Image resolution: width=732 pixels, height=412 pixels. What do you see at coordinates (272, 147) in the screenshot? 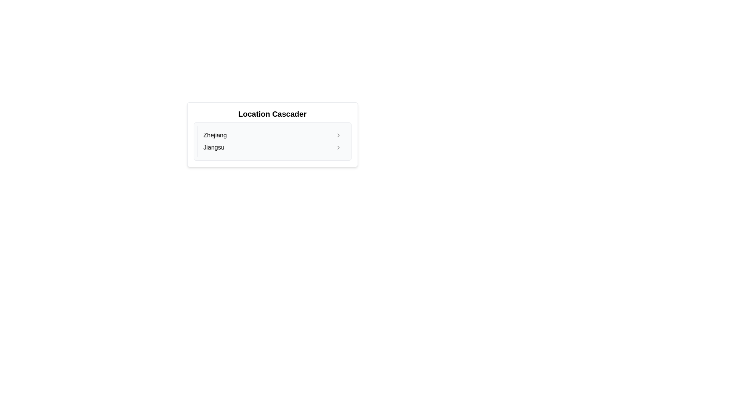
I see `the second item in the list that allows selection of 'Jiangsu'` at bounding box center [272, 147].